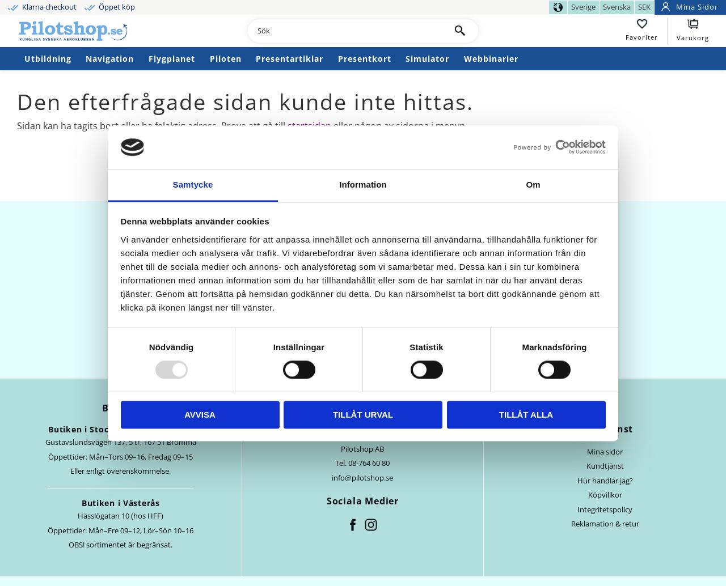 The width and height of the screenshot is (726, 586). I want to click on 'Statistik', so click(425, 347).